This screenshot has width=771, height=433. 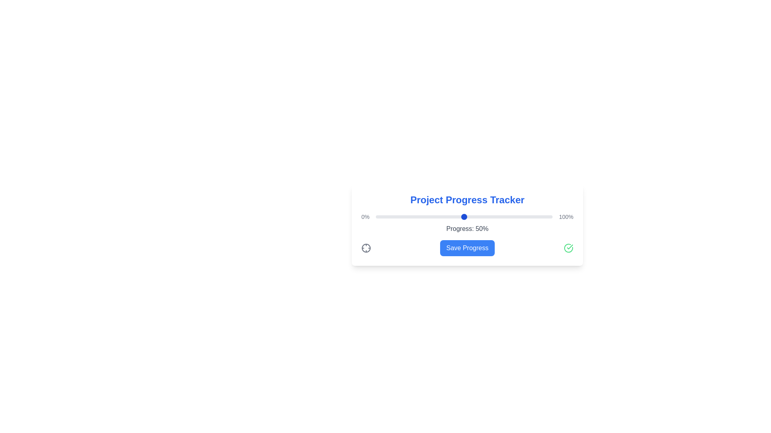 I want to click on the slider to set the progress value to 17, so click(x=406, y=216).